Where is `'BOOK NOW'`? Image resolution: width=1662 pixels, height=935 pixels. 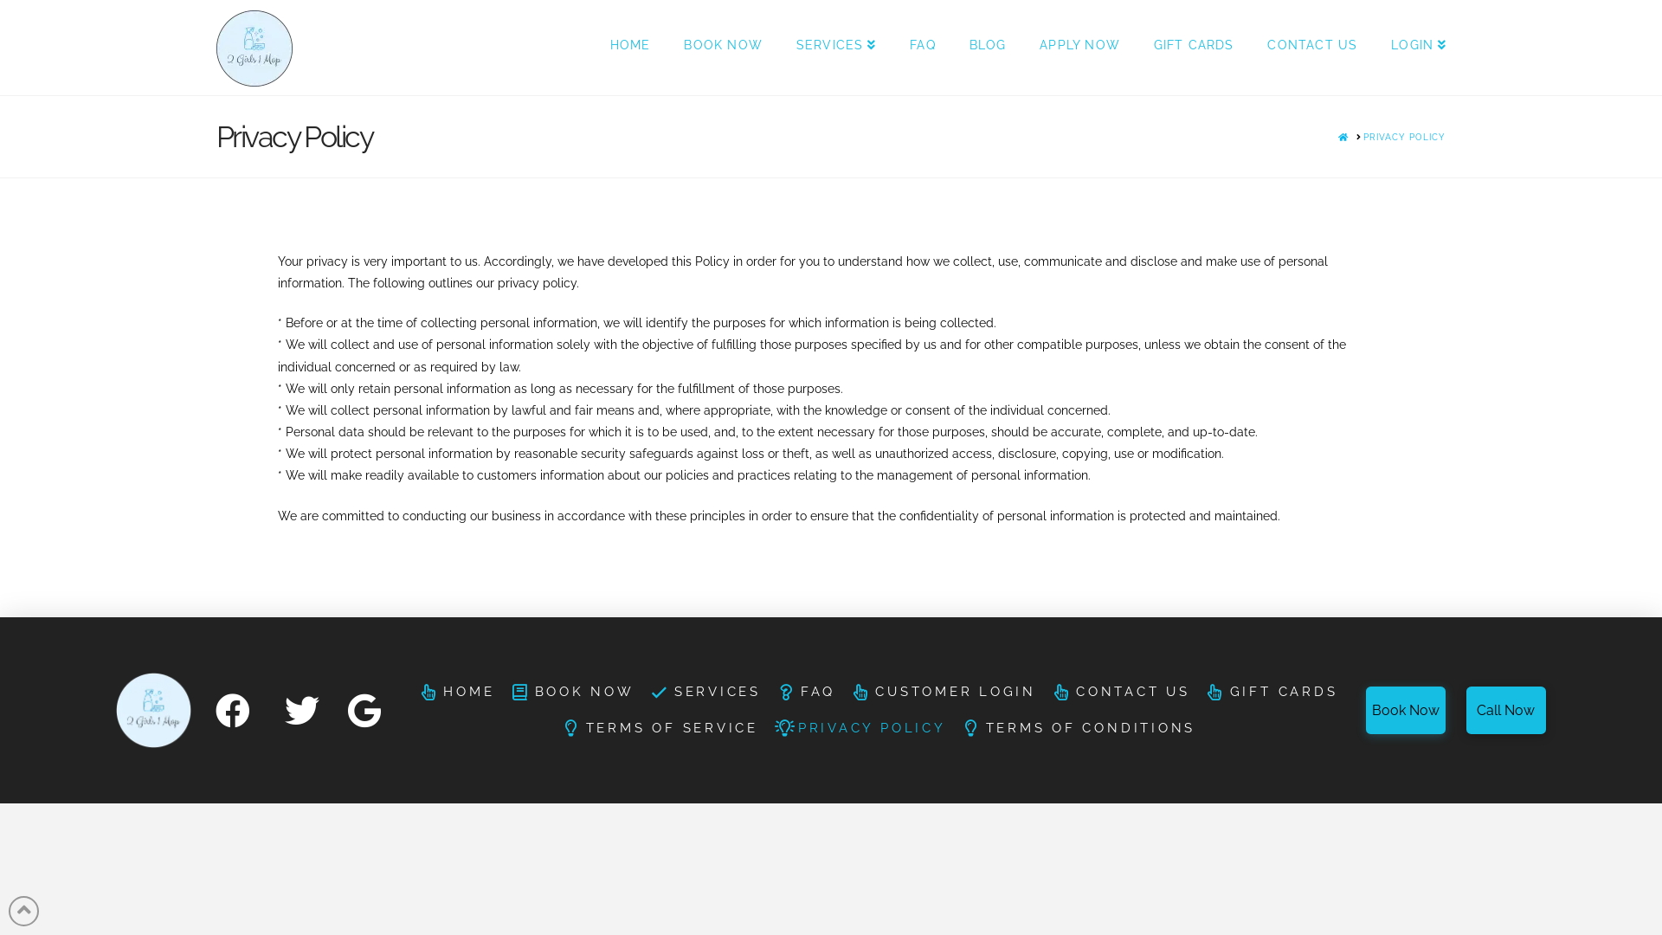
'BOOK NOW' is located at coordinates (500, 691).